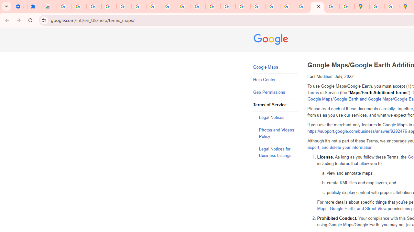 The height and width of the screenshot is (232, 414). Describe the element at coordinates (275, 80) in the screenshot. I see `'Help Center'` at that location.